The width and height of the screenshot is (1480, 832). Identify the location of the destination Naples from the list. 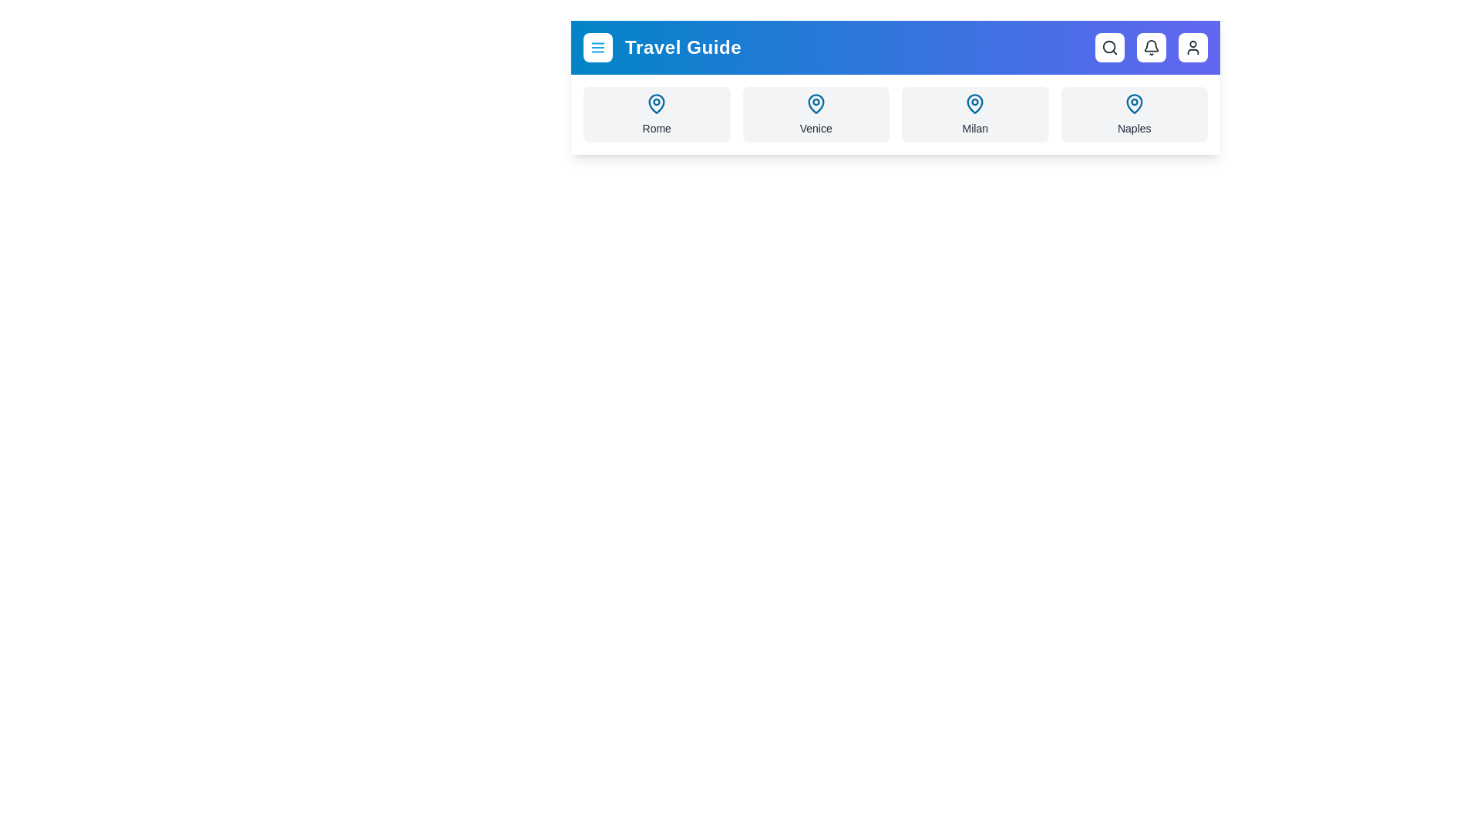
(1135, 114).